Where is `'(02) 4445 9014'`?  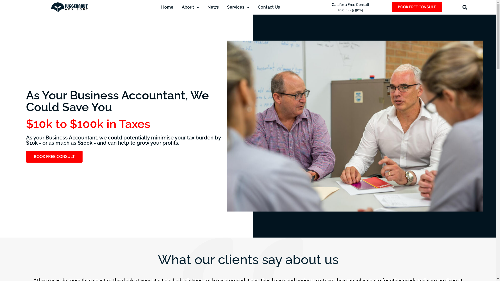 '(02) 4445 9014' is located at coordinates (351, 10).